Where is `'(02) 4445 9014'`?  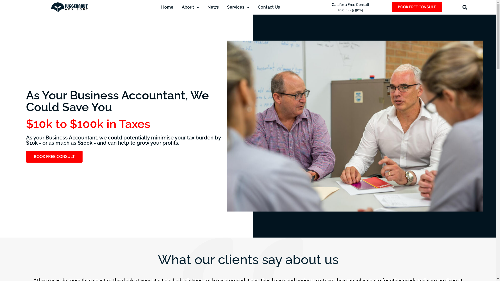 '(02) 4445 9014' is located at coordinates (351, 10).